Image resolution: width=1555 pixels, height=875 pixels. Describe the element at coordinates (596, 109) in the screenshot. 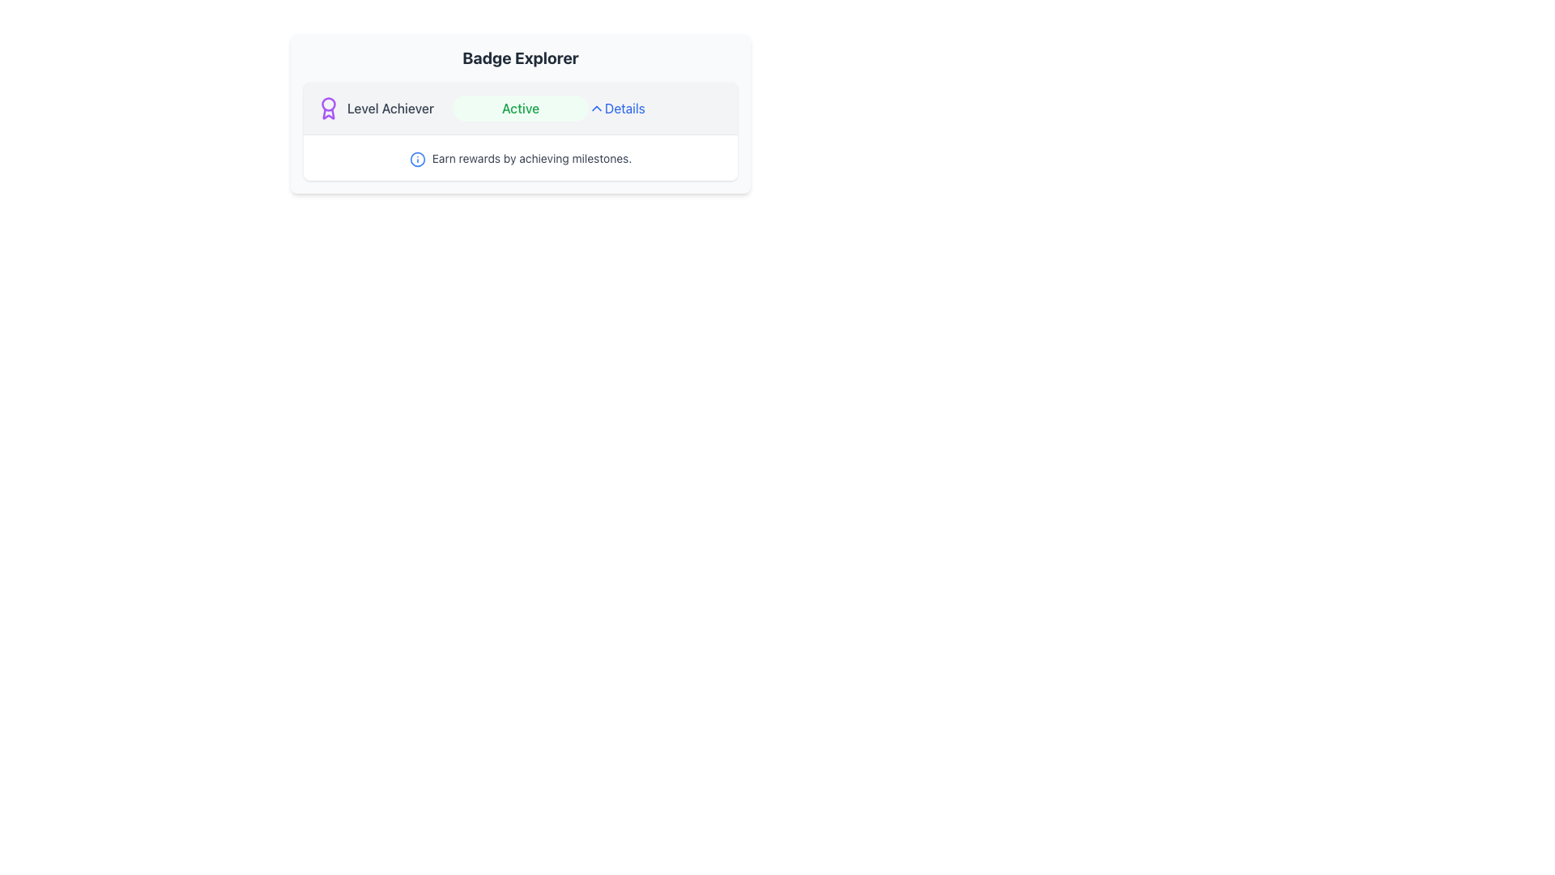

I see `the small upward-pointing chevron icon with a blue outline located to the left of the word 'Details'` at that location.